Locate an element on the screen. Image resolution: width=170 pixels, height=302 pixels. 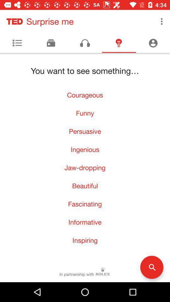
the search icon is located at coordinates (151, 267).